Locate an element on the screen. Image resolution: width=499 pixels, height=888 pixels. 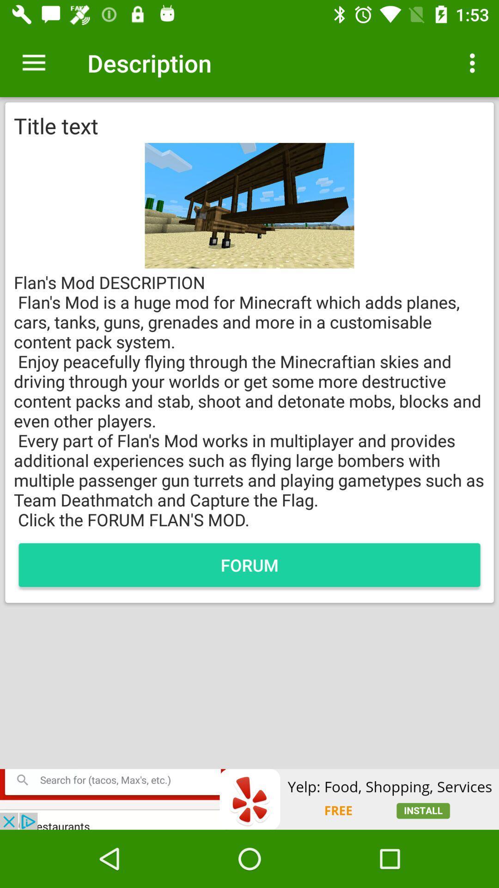
advertisement is located at coordinates (249, 799).